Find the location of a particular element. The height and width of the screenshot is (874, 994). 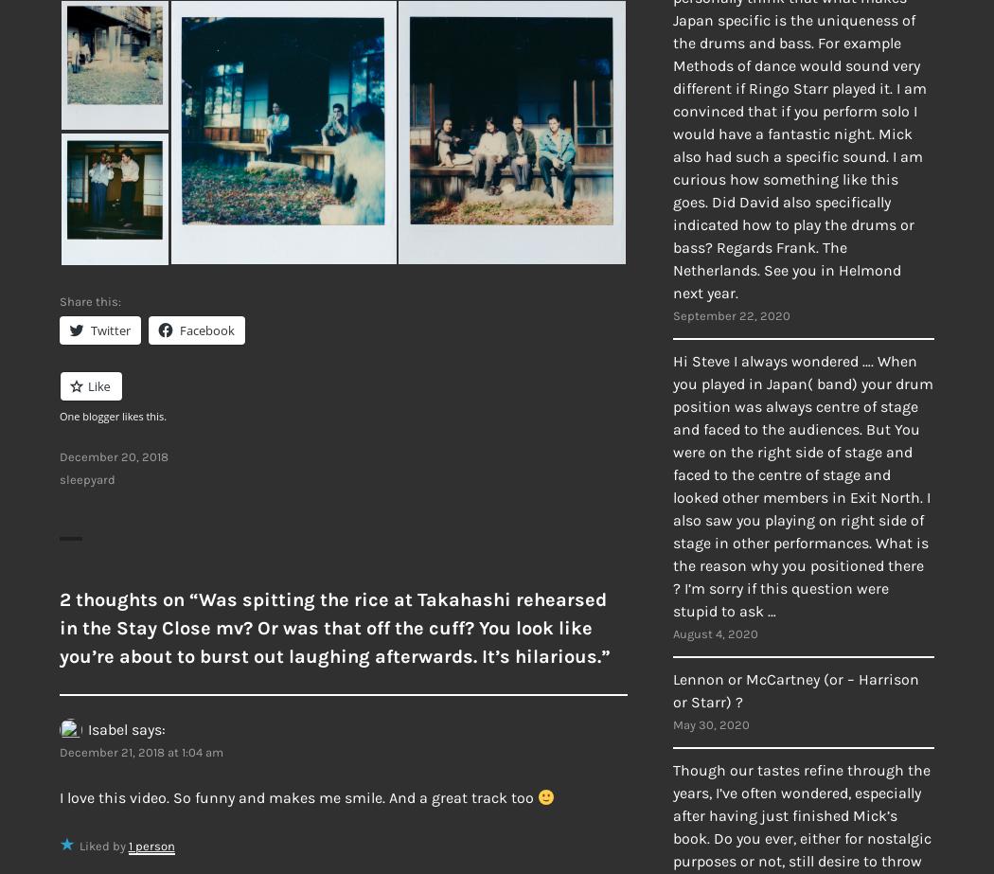

'September 22, 2020' is located at coordinates (672, 315).